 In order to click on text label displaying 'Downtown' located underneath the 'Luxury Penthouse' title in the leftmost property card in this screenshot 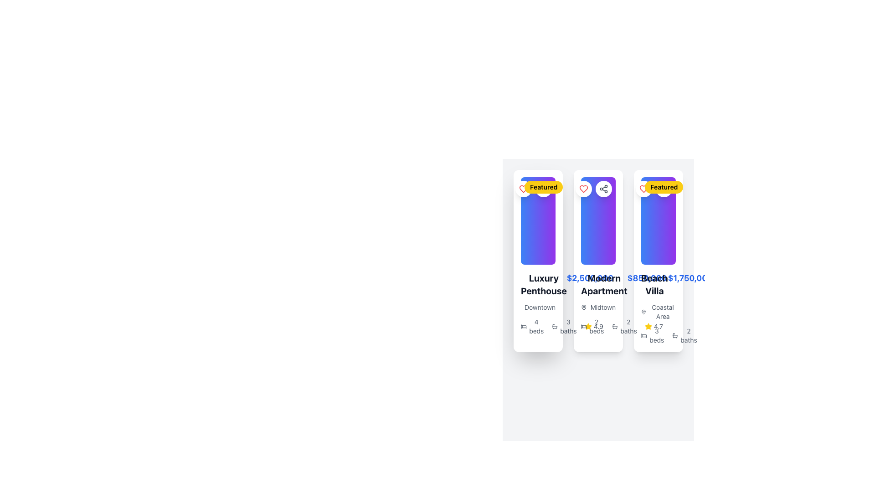, I will do `click(540, 307)`.